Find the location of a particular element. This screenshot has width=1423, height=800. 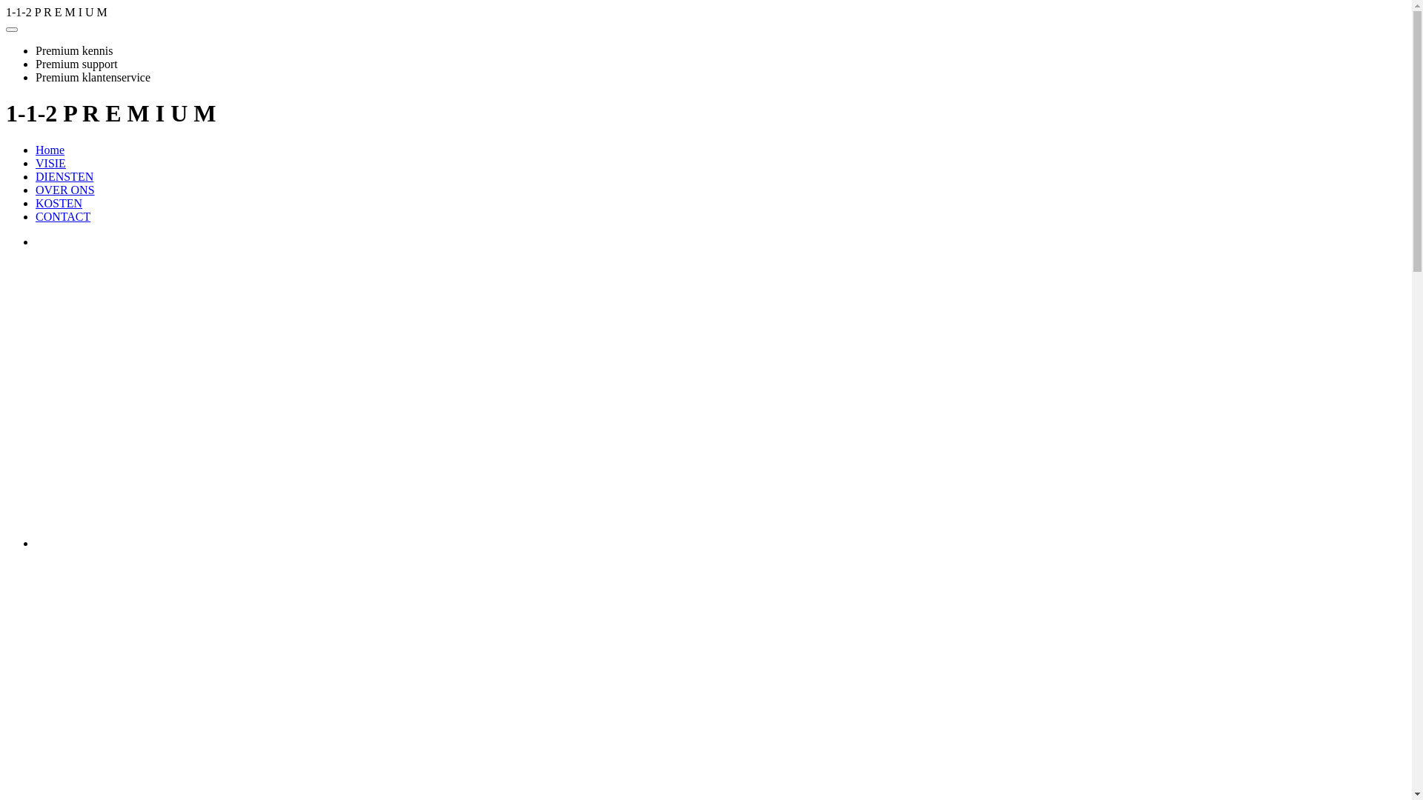

'KOSTEN' is located at coordinates (36, 203).